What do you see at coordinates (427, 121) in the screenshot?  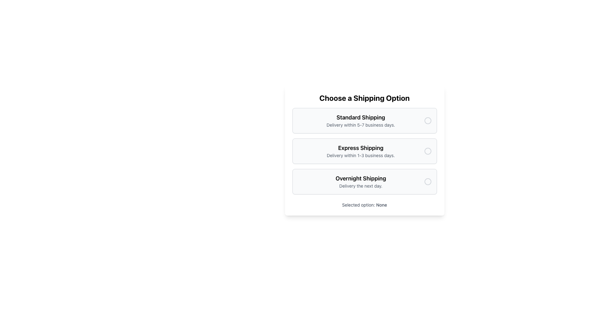 I see `the circular radio button indicator for the 'Standard Shipping' option` at bounding box center [427, 121].